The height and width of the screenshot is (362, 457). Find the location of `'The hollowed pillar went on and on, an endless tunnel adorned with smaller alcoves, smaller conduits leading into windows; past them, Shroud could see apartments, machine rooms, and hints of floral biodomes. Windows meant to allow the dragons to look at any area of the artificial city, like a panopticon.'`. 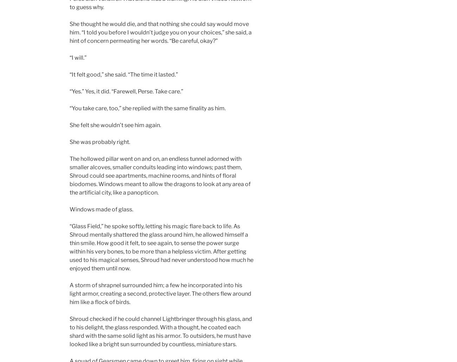

'The hollowed pillar went on and on, an endless tunnel adorned with smaller alcoves, smaller conduits leading into windows; past them, Shroud could see apartments, machine rooms, and hints of floral biodomes. Windows meant to allow the dragons to look at any area of the artificial city, like a panopticon.' is located at coordinates (160, 176).